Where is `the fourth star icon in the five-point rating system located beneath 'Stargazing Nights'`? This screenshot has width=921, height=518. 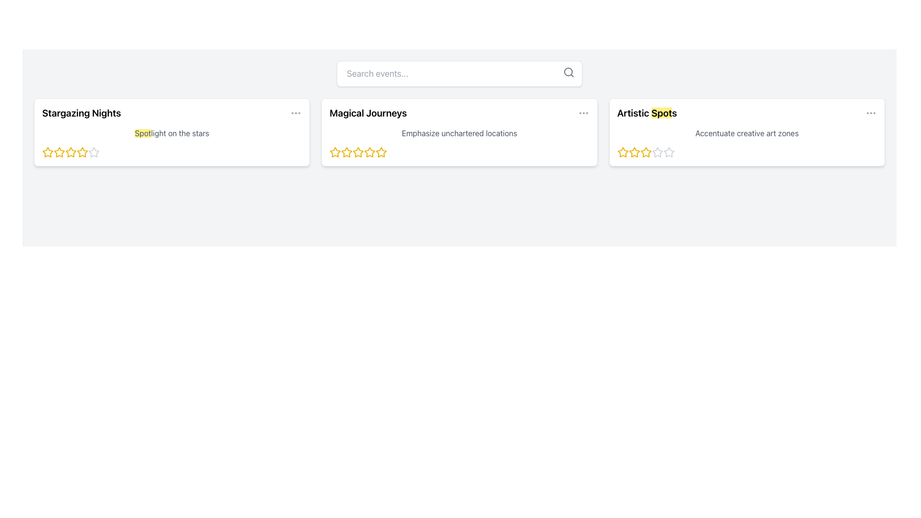
the fourth star icon in the five-point rating system located beneath 'Stargazing Nights' is located at coordinates (71, 152).